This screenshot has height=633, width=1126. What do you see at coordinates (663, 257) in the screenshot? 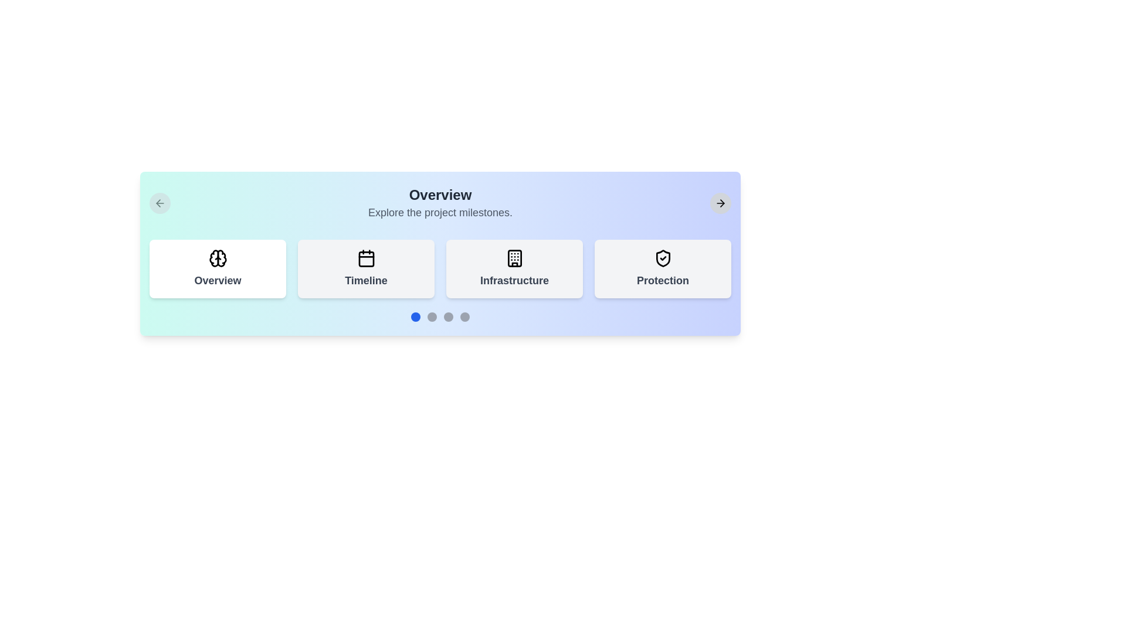
I see `the shield icon with a check mark inside it, which is located in the fourth position of the carousel and labeled 'Protection'` at bounding box center [663, 257].